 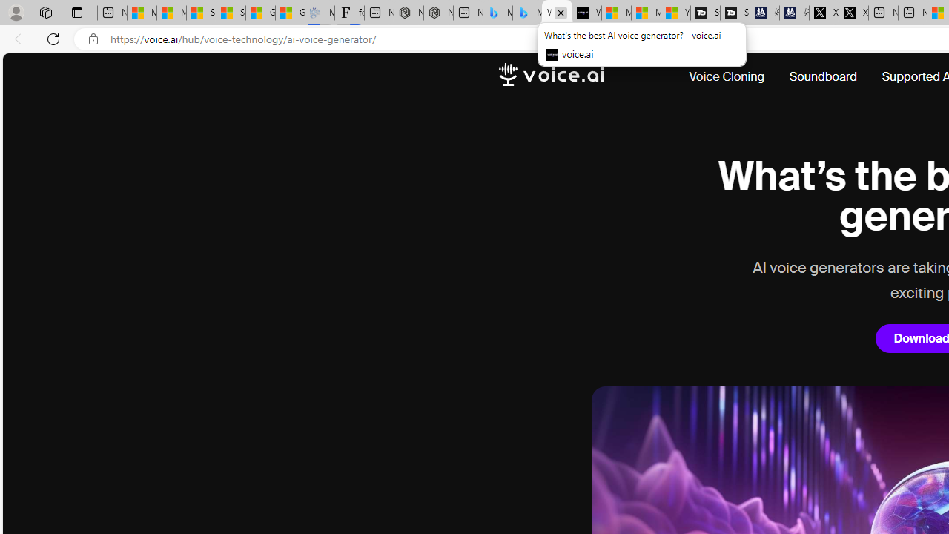 I want to click on 'Streaming Coverage | T3', so click(x=704, y=13).